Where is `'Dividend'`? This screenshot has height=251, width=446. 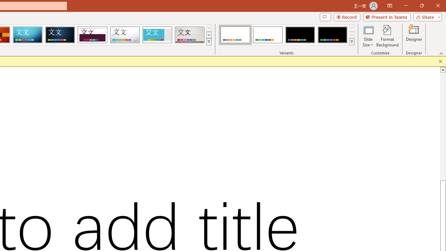 'Dividend' is located at coordinates (92, 35).